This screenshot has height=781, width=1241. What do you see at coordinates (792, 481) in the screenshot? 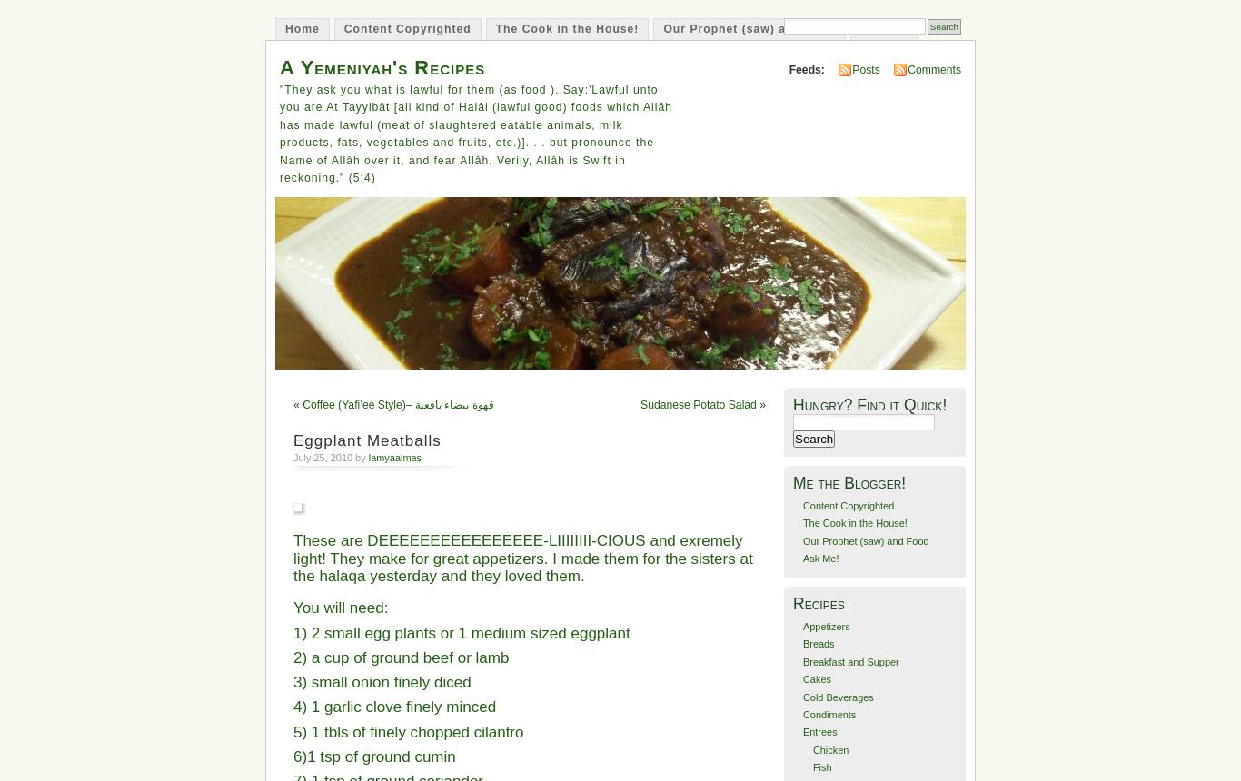
I see `'Me the Blogger!'` at bounding box center [792, 481].